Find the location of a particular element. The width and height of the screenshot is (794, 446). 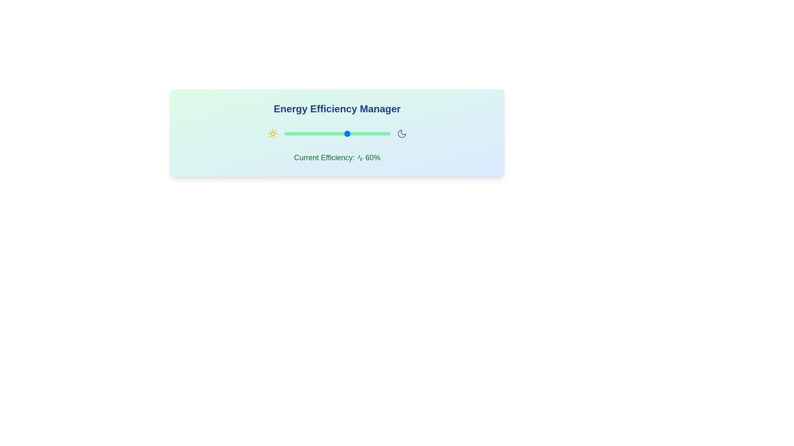

the Moon icon is located at coordinates (402, 133).